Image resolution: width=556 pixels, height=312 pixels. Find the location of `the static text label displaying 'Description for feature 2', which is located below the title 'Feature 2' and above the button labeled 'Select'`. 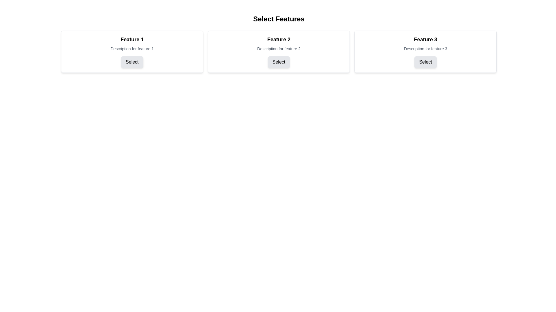

the static text label displaying 'Description for feature 2', which is located below the title 'Feature 2' and above the button labeled 'Select' is located at coordinates (279, 49).